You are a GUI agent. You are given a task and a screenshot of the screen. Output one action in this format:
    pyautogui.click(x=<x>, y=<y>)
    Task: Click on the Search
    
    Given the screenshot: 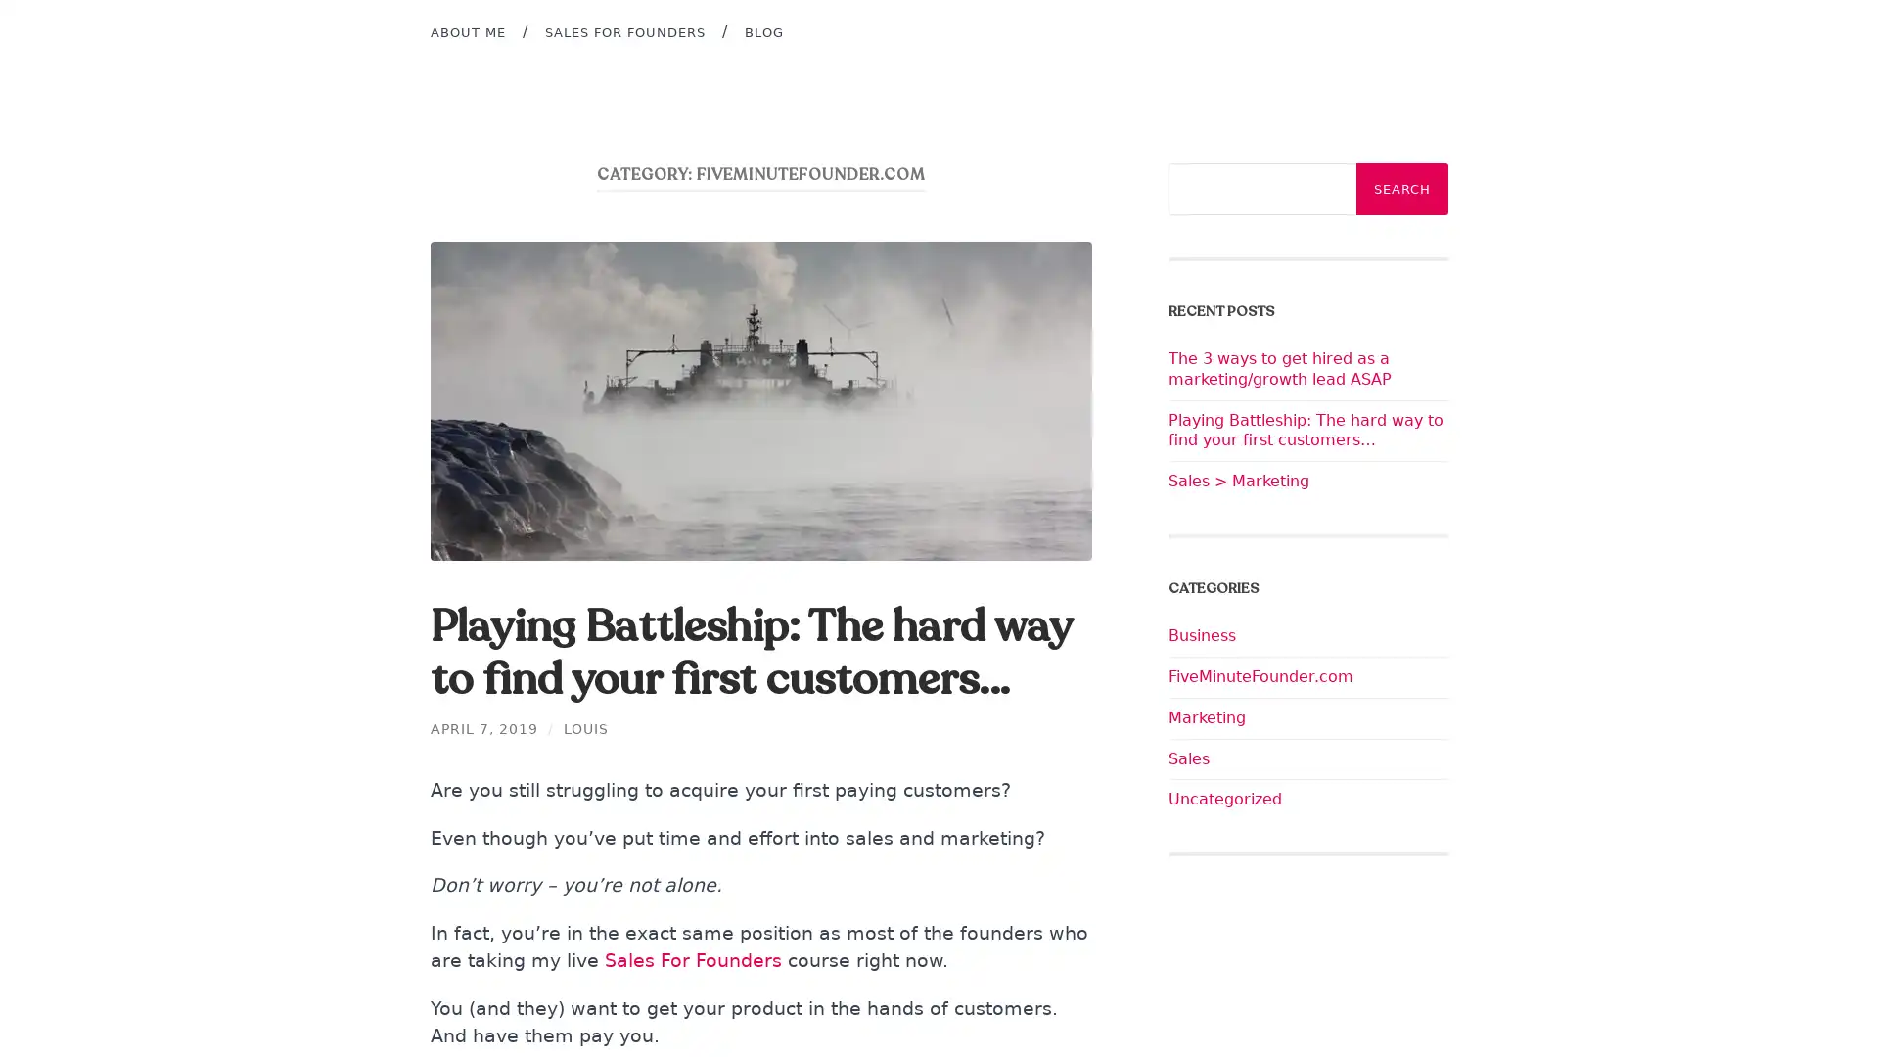 What is the action you would take?
    pyautogui.click(x=1401, y=189)
    